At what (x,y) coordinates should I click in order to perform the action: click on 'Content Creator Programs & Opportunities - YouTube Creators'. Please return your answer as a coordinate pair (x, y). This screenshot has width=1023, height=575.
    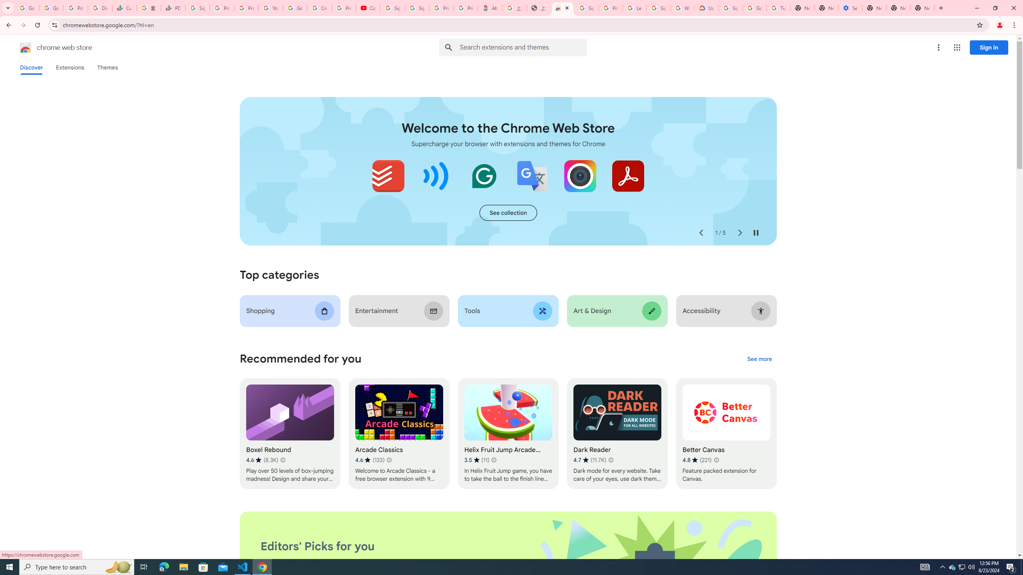
    Looking at the image, I should click on (368, 8).